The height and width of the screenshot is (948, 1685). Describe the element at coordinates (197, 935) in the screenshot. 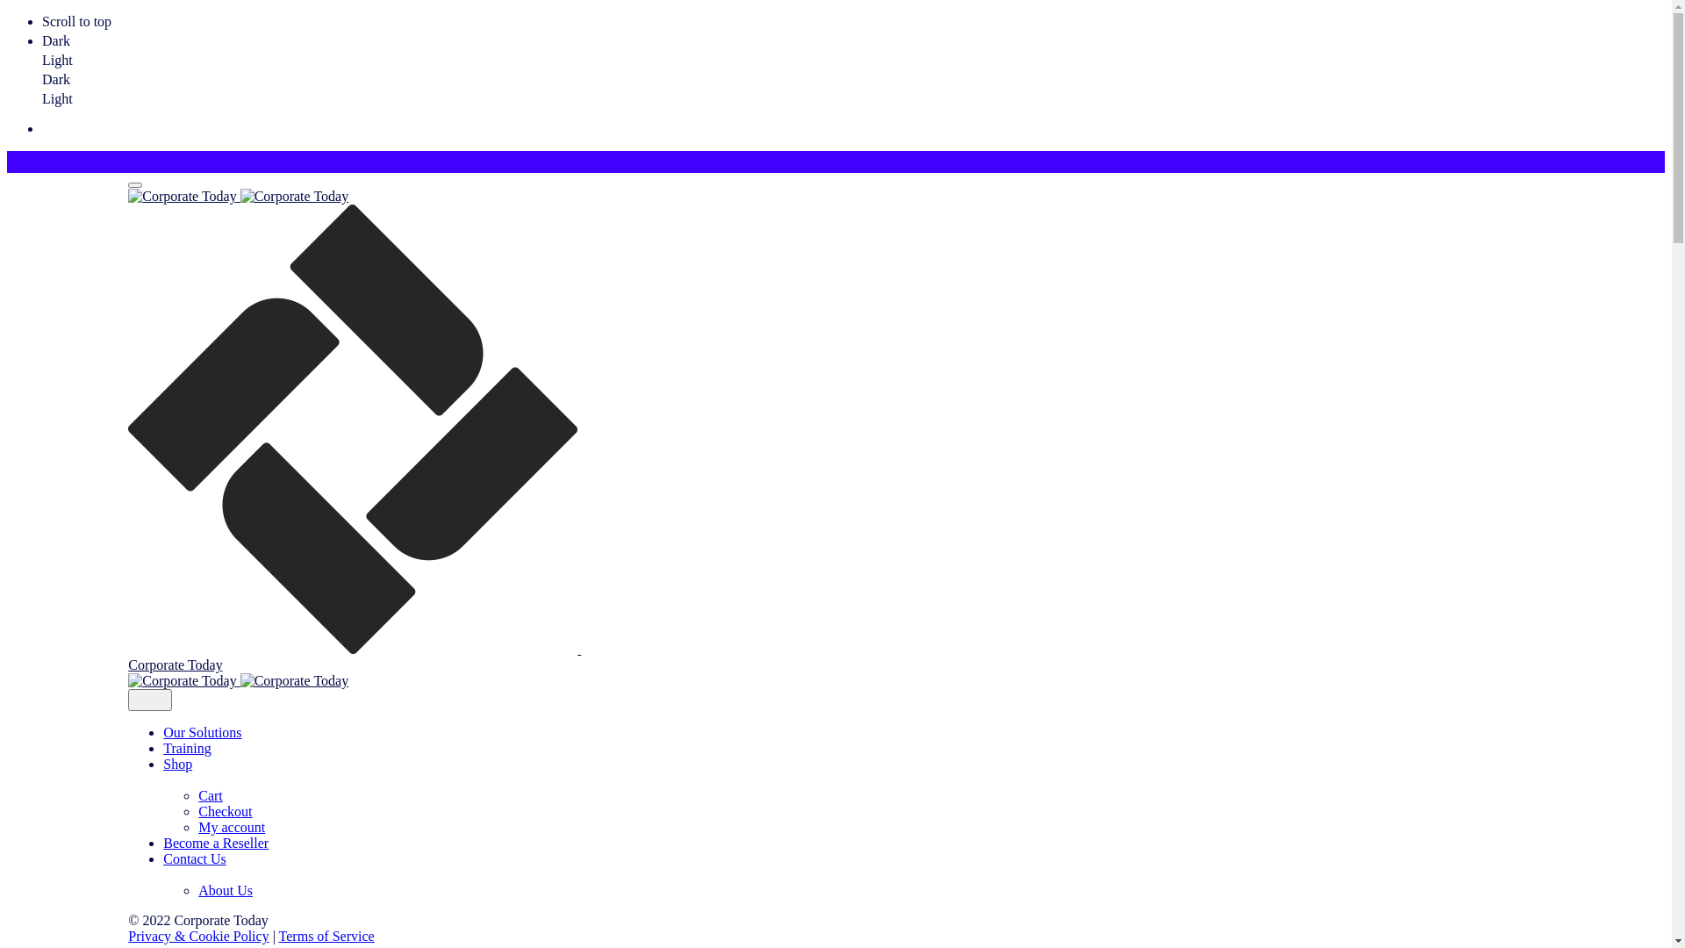

I see `'Privacy & Cookie Policy'` at that location.